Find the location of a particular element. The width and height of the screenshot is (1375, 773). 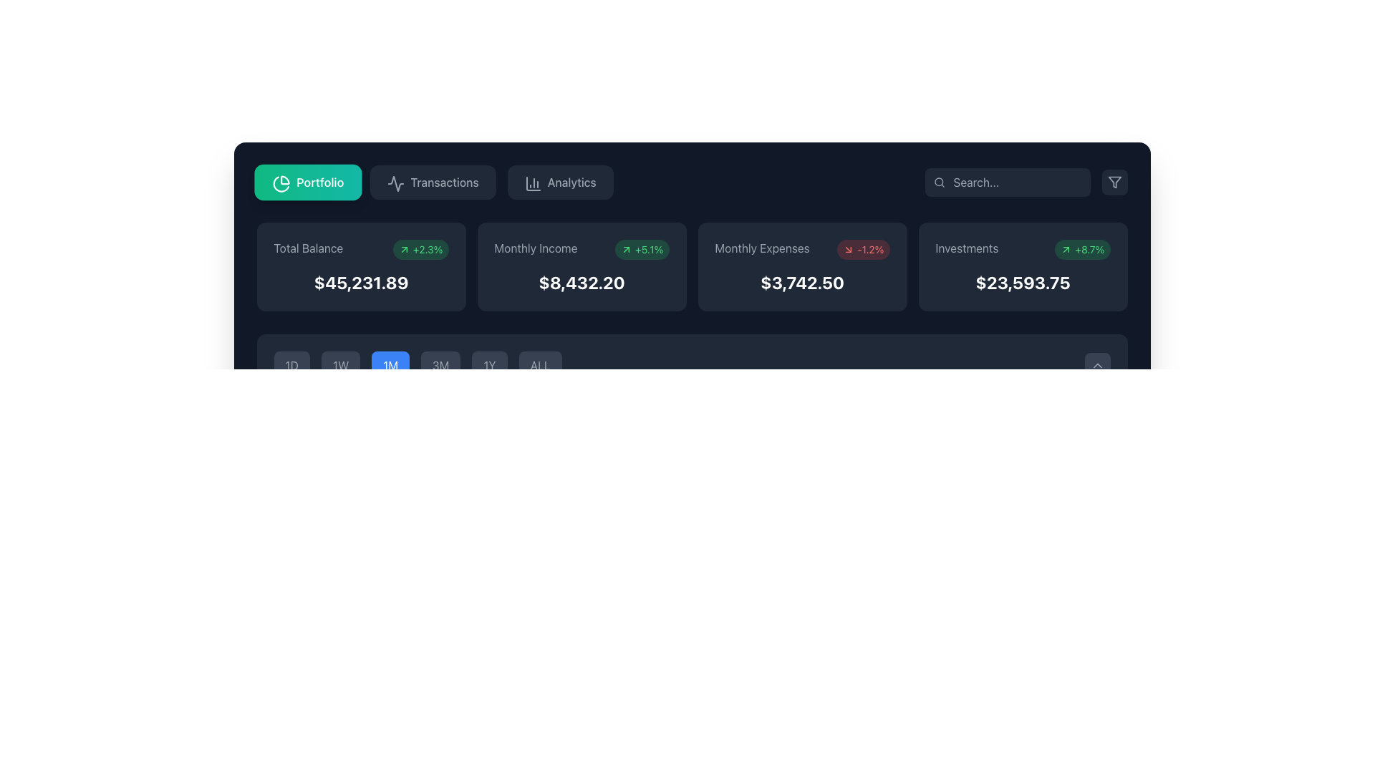

the first button in the bottom-left portion of the interface is located at coordinates (291, 364).